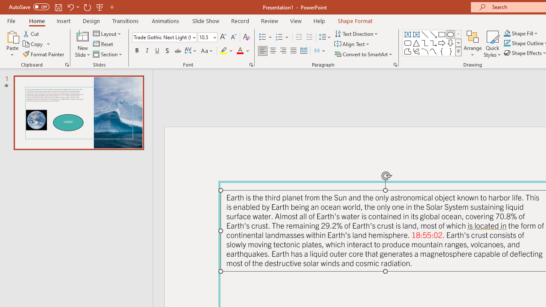 The width and height of the screenshot is (546, 307). I want to click on 'Record', so click(239, 20).